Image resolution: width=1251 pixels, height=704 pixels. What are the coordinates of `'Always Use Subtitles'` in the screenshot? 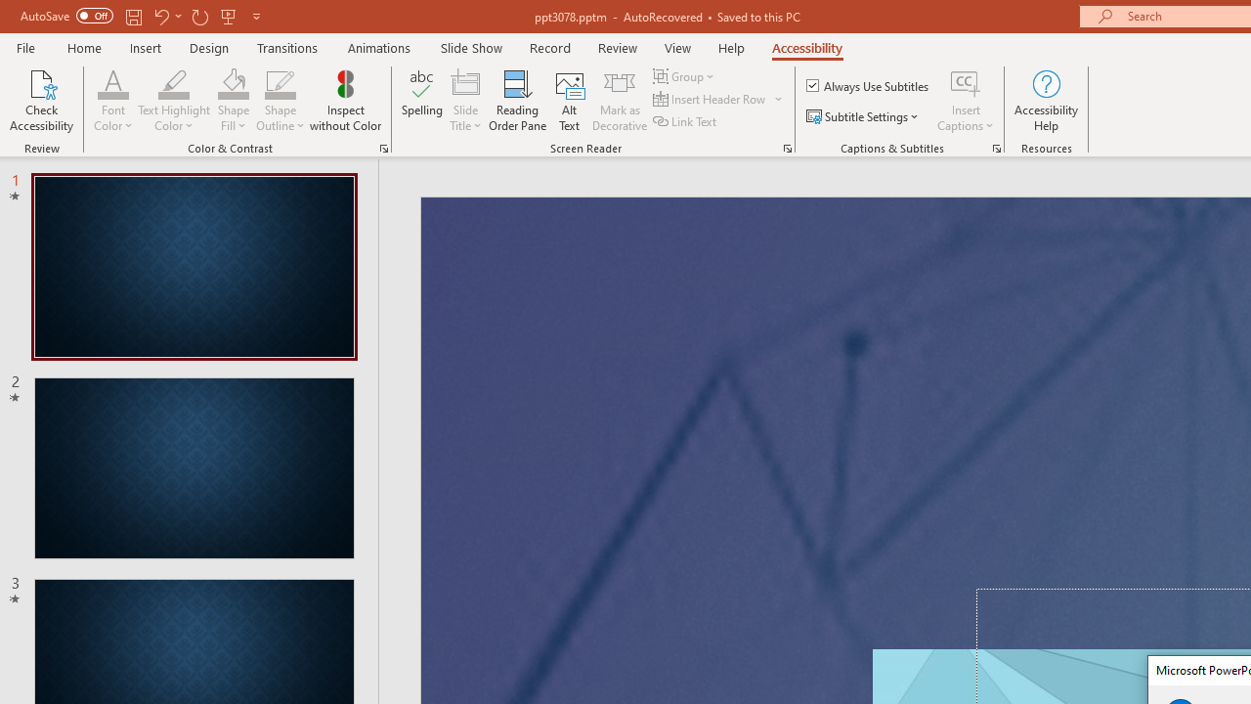 It's located at (868, 84).